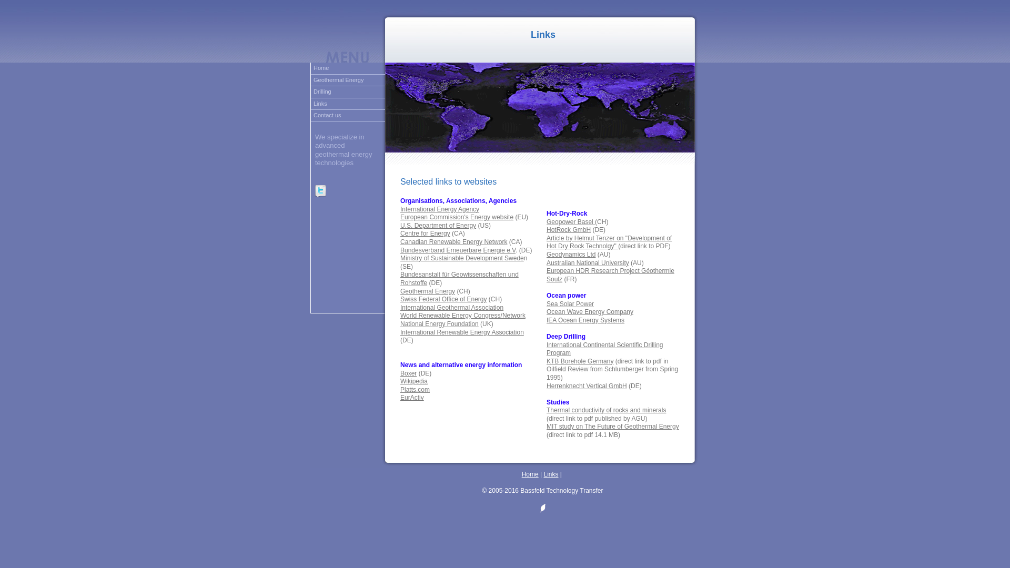 The height and width of the screenshot is (568, 1010). What do you see at coordinates (400, 372) in the screenshot?
I see `'Boxer'` at bounding box center [400, 372].